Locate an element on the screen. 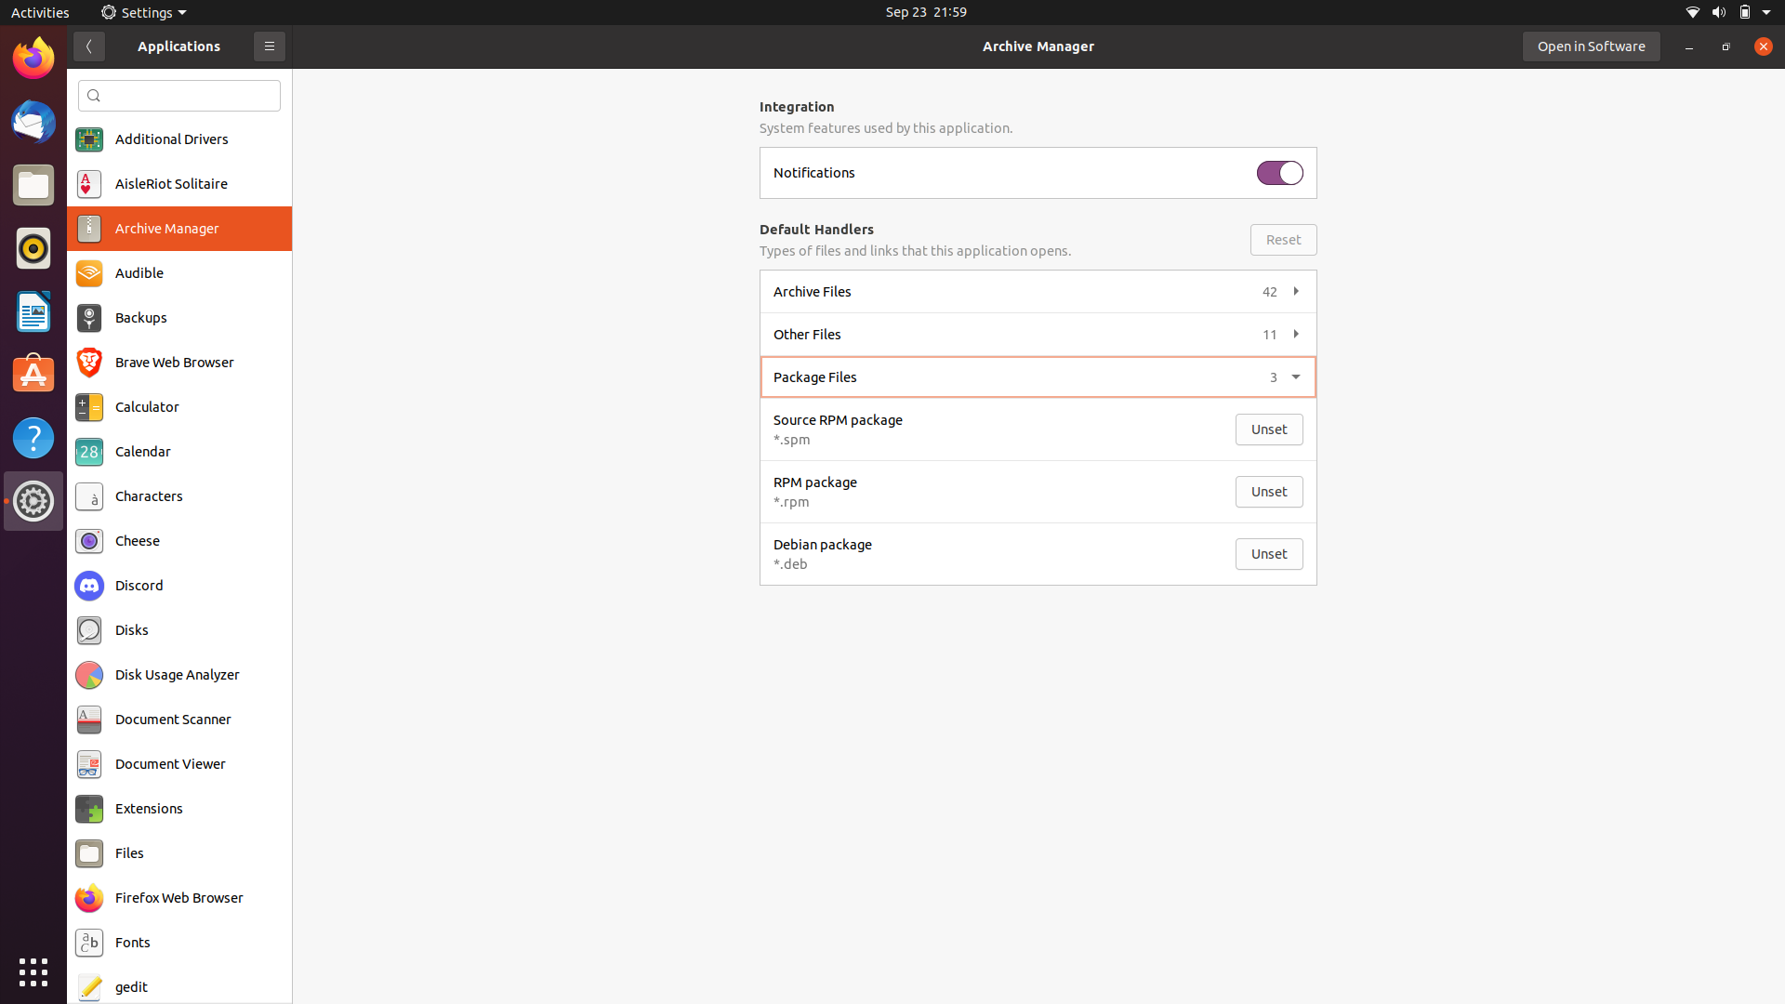 This screenshot has width=1785, height=1004. Condense the ongoing window to its icon size is located at coordinates (1691, 46).